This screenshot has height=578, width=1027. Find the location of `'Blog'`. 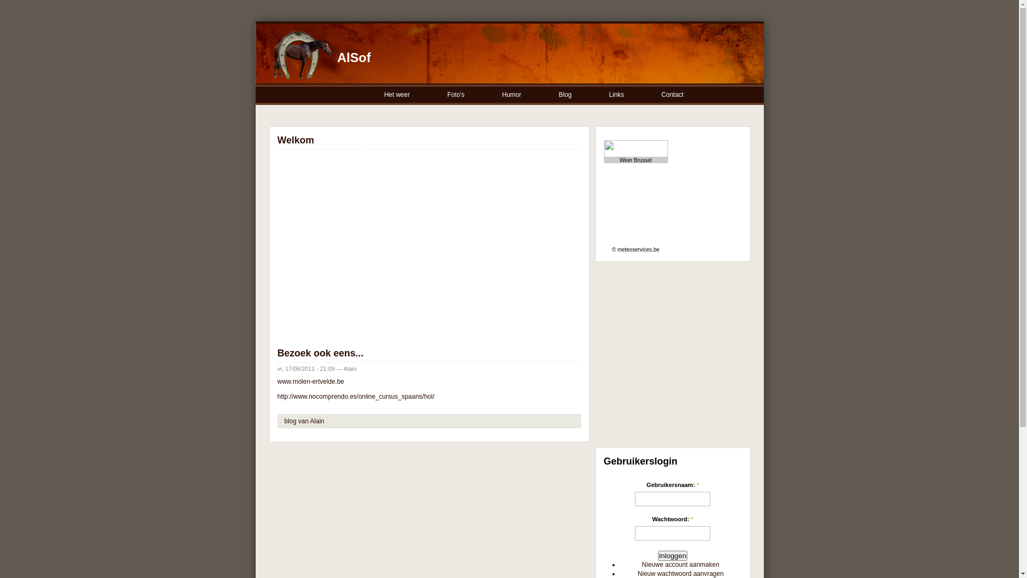

'Blog' is located at coordinates (565, 94).